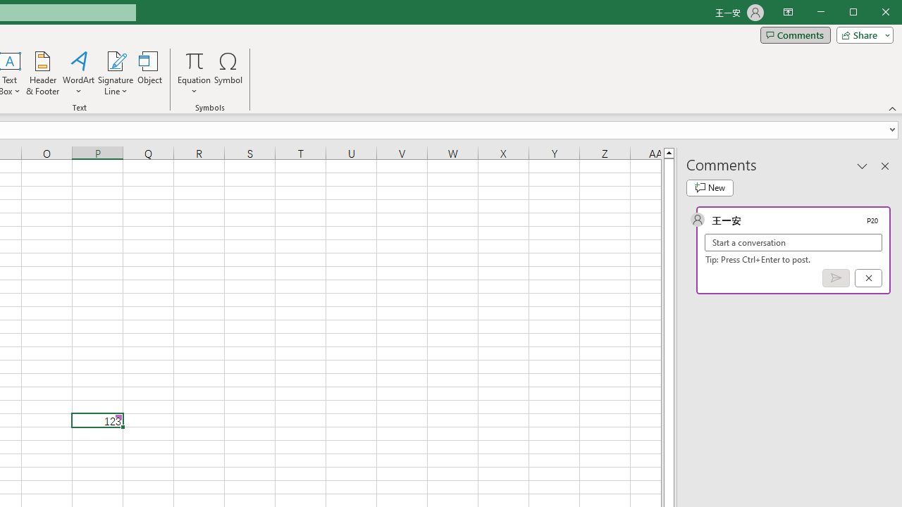 This screenshot has width=902, height=507. What do you see at coordinates (857, 13) in the screenshot?
I see `'Minimize'` at bounding box center [857, 13].